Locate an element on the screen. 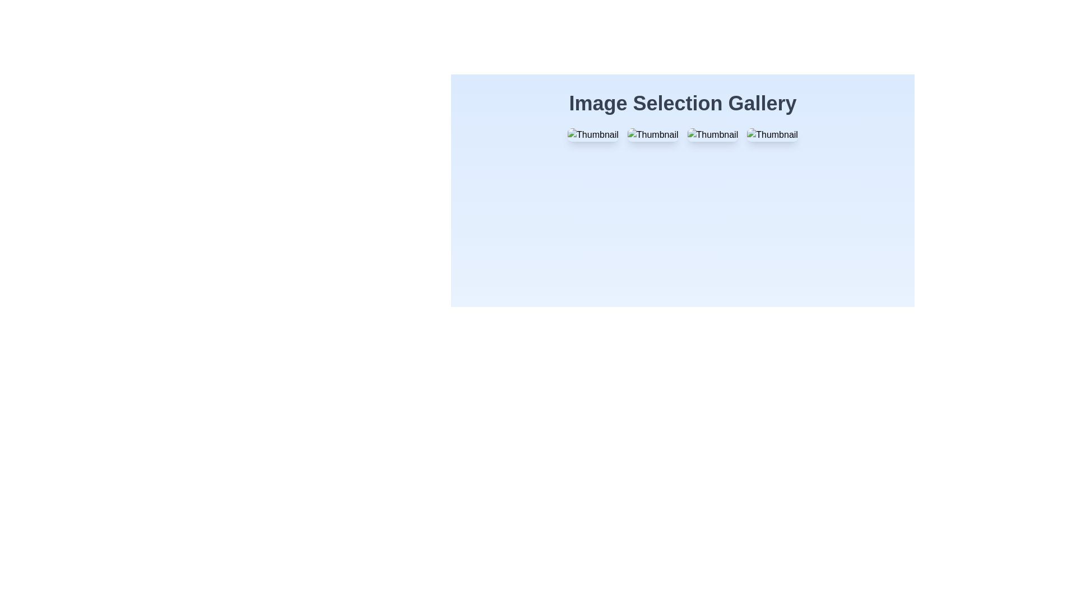 This screenshot has height=605, width=1076. the first thumbnail image in the top row of the grid layout is located at coordinates (592, 134).